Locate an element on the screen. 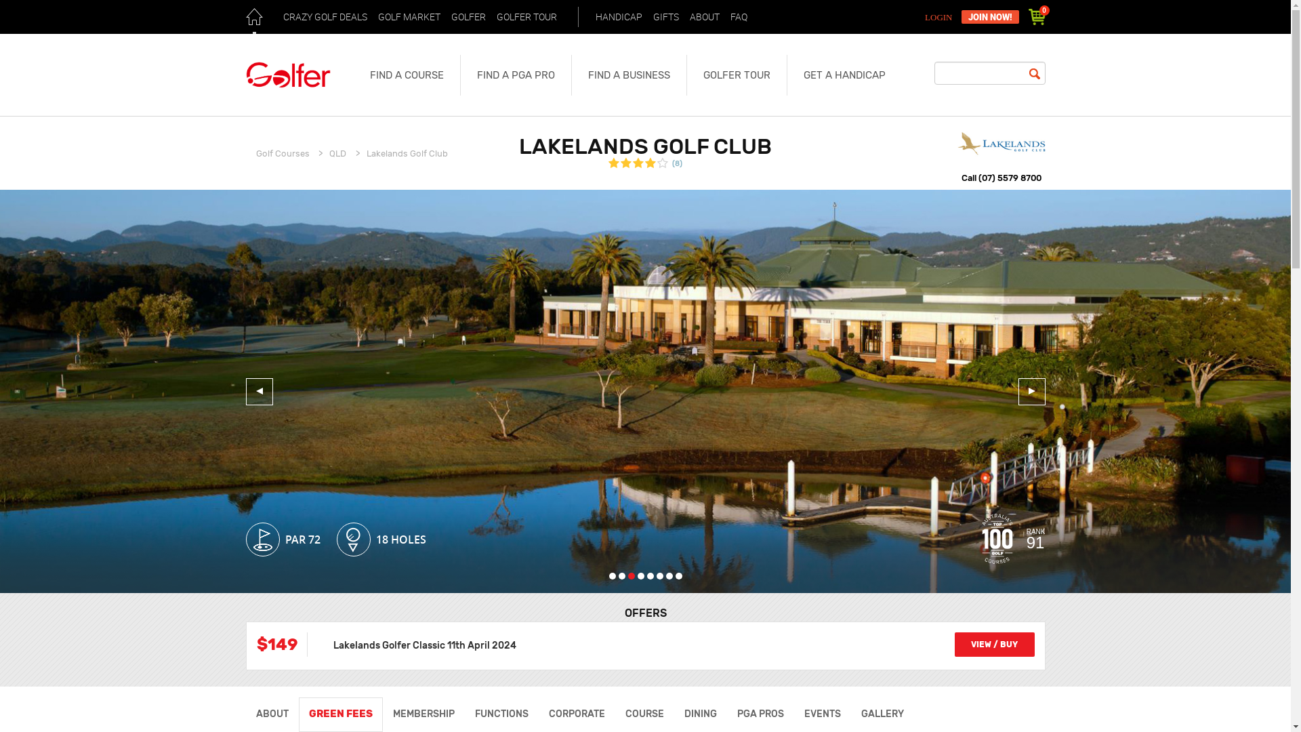 This screenshot has height=732, width=1301. 'CRAZY GOLF DEALS' is located at coordinates (324, 16).